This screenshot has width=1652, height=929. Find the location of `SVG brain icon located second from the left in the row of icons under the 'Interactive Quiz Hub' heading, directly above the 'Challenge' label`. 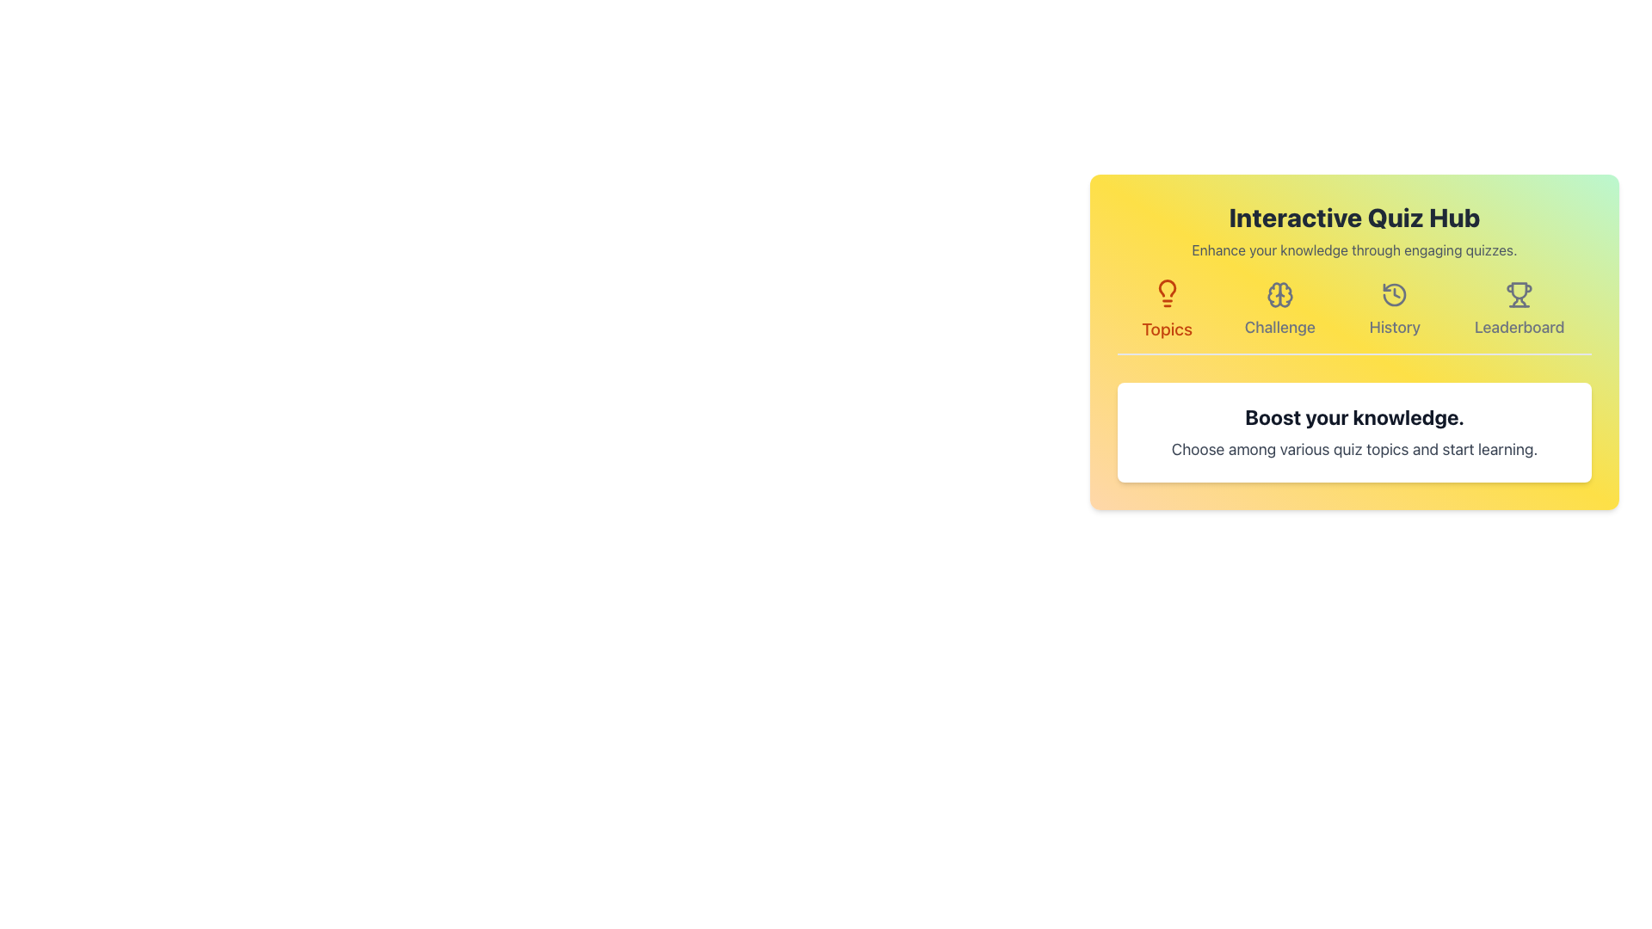

SVG brain icon located second from the left in the row of icons under the 'Interactive Quiz Hub' heading, directly above the 'Challenge' label is located at coordinates (1279, 294).